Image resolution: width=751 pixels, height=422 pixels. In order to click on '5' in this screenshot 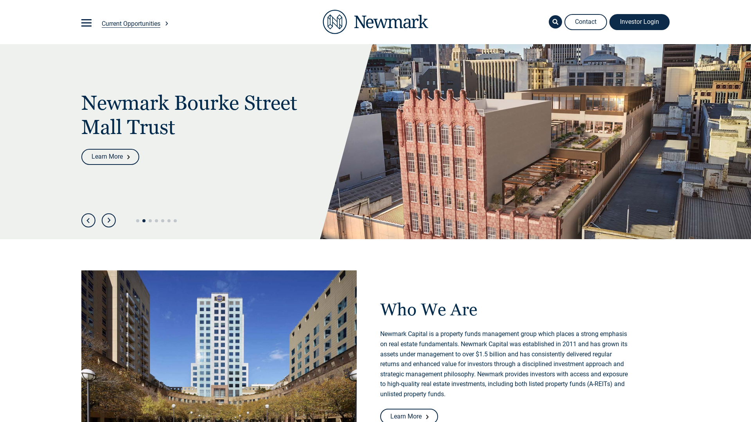, I will do `click(163, 220)`.